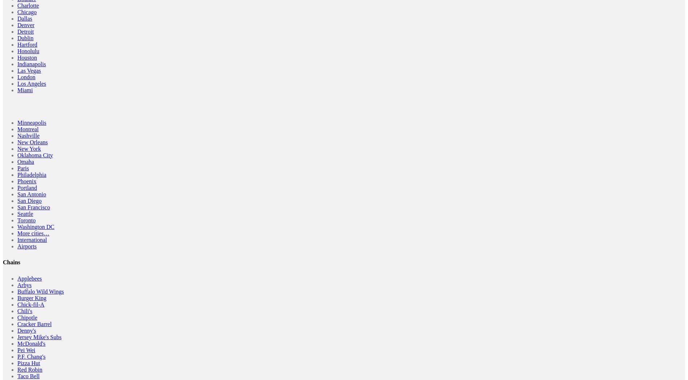 The height and width of the screenshot is (380, 688). Describe the element at coordinates (17, 311) in the screenshot. I see `'Chili's'` at that location.